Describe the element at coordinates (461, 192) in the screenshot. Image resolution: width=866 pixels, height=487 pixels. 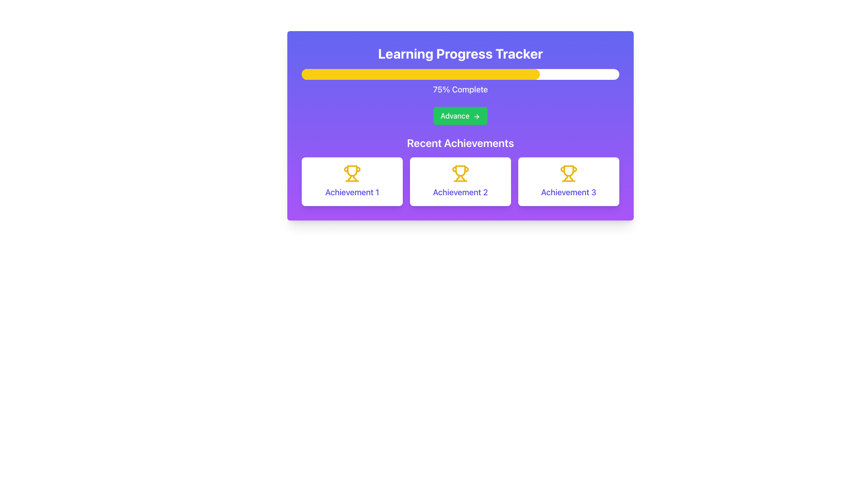
I see `the text label for 'Achievement 2' which is centered in the middle card of the 'Recent Achievements' section` at that location.